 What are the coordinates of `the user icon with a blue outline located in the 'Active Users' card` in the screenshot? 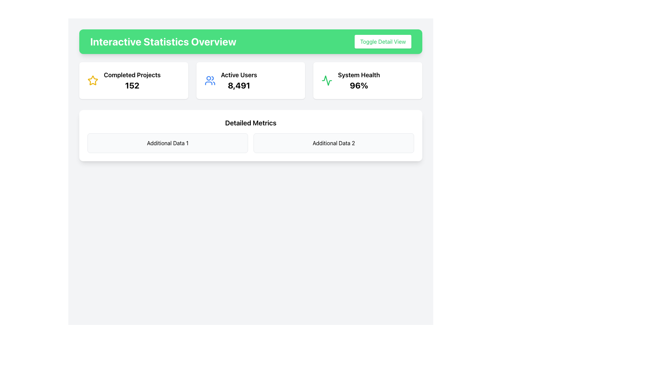 It's located at (209, 80).